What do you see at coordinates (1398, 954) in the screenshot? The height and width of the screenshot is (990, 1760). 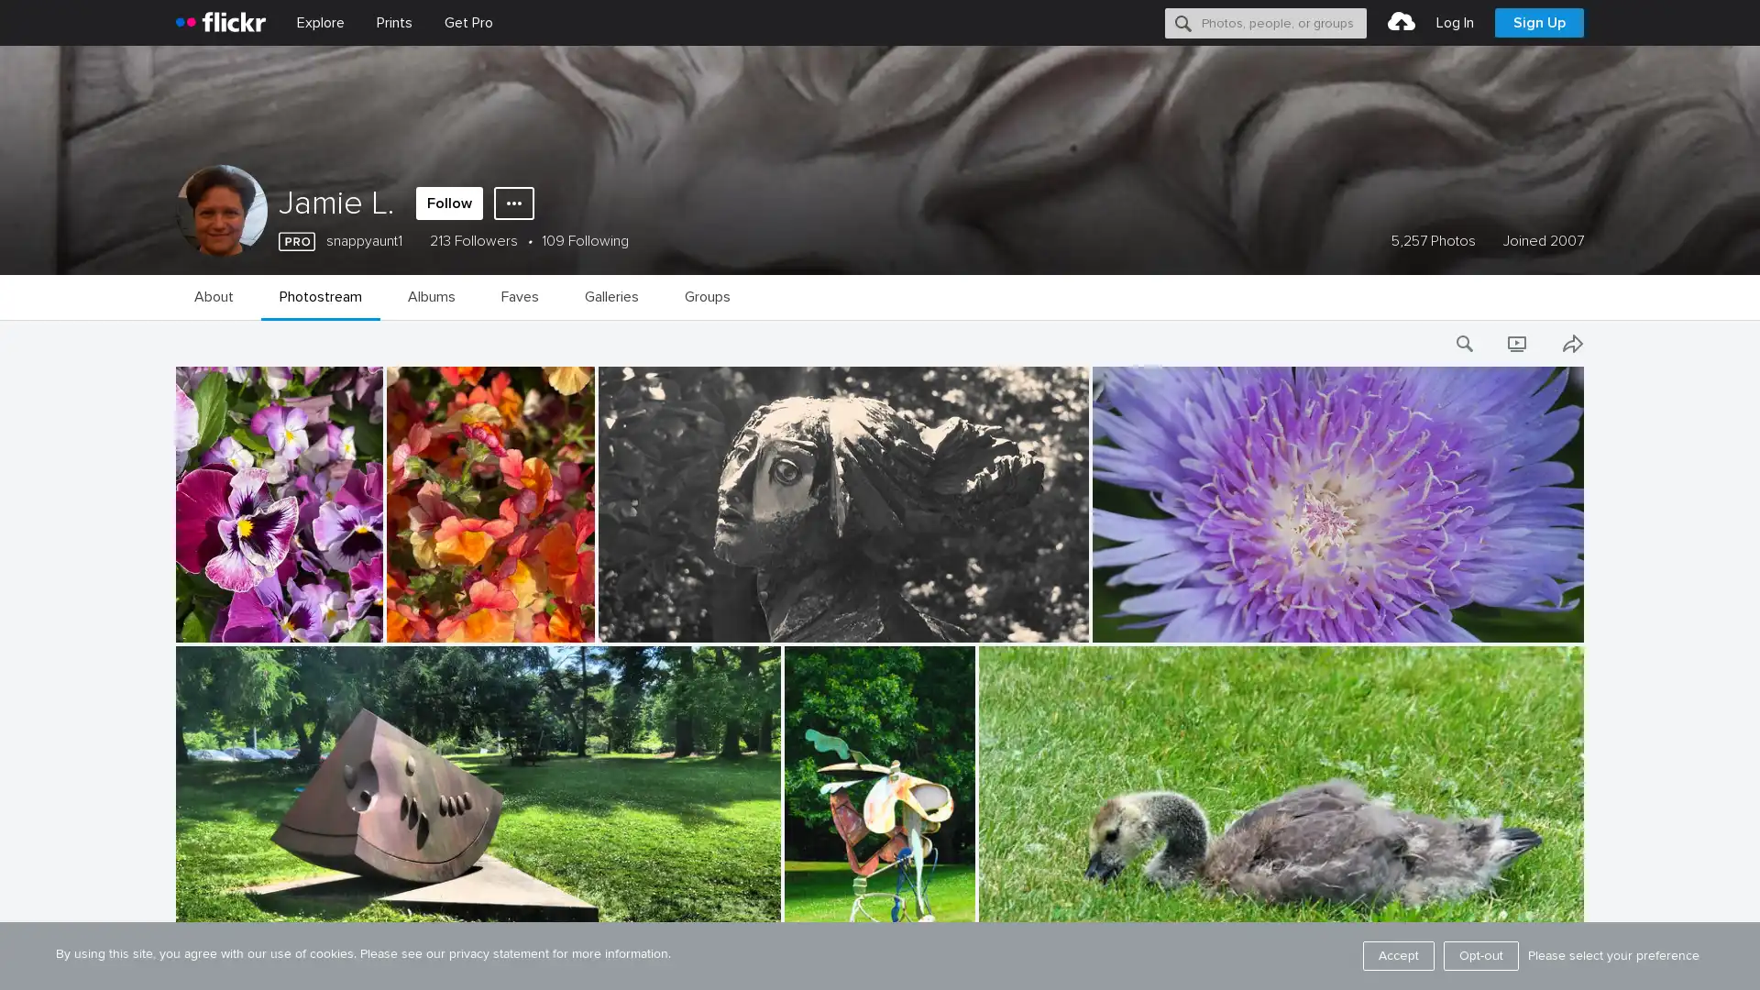 I see `Accept` at bounding box center [1398, 954].